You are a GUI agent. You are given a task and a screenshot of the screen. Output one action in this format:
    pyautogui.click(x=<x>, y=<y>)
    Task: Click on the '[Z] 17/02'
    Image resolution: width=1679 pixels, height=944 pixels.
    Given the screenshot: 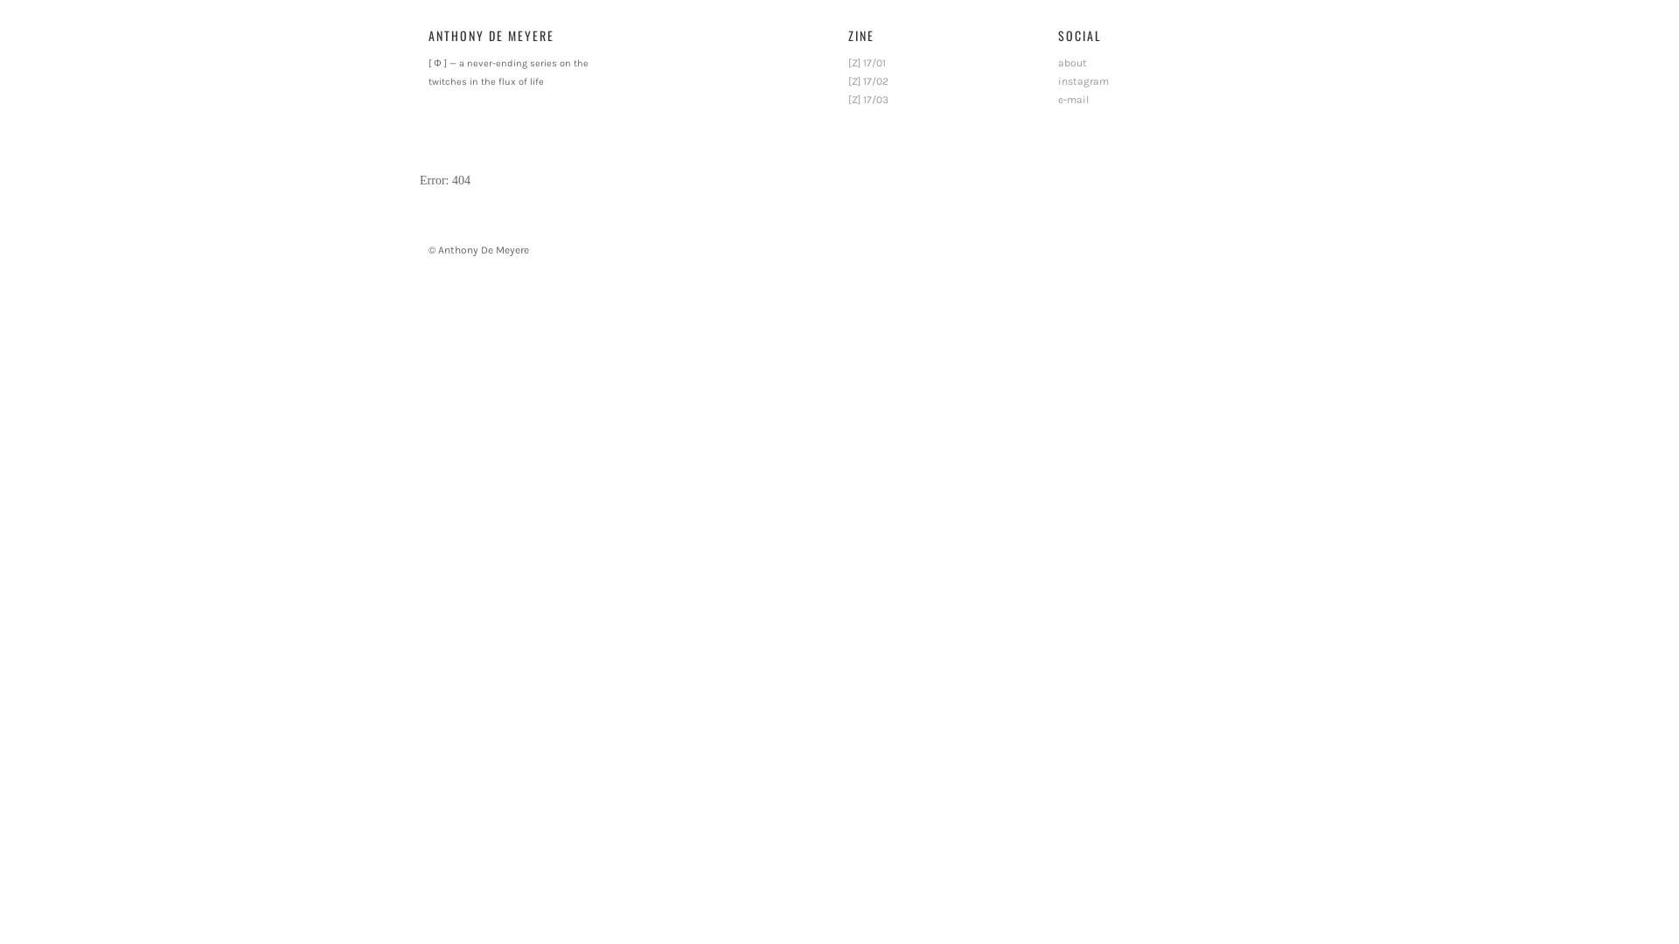 What is the action you would take?
    pyautogui.click(x=868, y=80)
    